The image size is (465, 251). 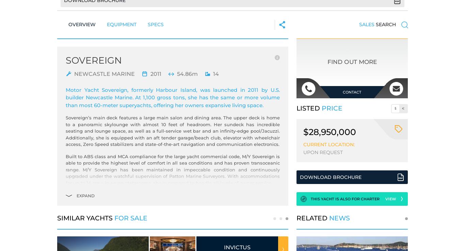 What do you see at coordinates (173, 218) in the screenshot?
I see `'Sovereign features six exceptionally appointed staterooms, ​including two master staterooms, collectively accommodating up to 16 guests. The upper master stateroom features a 270-degree view. The main-deck master offers guests incredible views through eight large oval windows.'` at bounding box center [173, 218].